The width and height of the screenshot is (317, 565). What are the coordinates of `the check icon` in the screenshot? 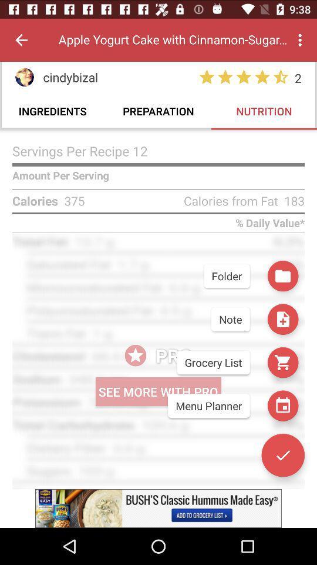 It's located at (282, 454).